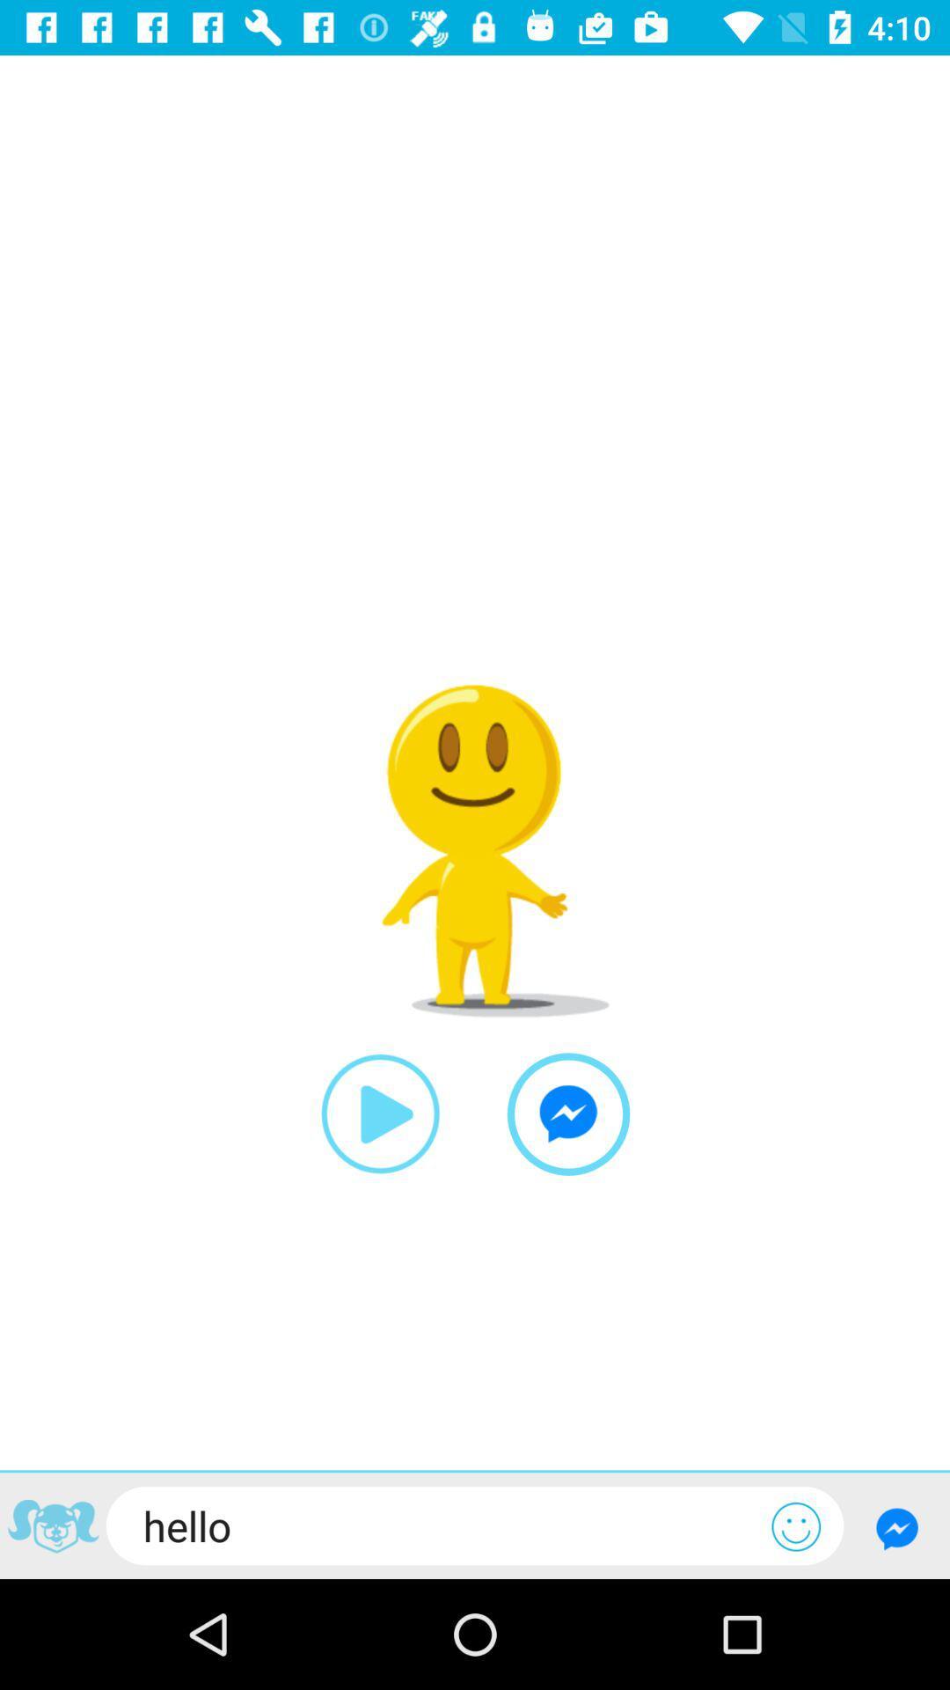 This screenshot has width=950, height=1690. I want to click on the emoji icon, so click(796, 1525).